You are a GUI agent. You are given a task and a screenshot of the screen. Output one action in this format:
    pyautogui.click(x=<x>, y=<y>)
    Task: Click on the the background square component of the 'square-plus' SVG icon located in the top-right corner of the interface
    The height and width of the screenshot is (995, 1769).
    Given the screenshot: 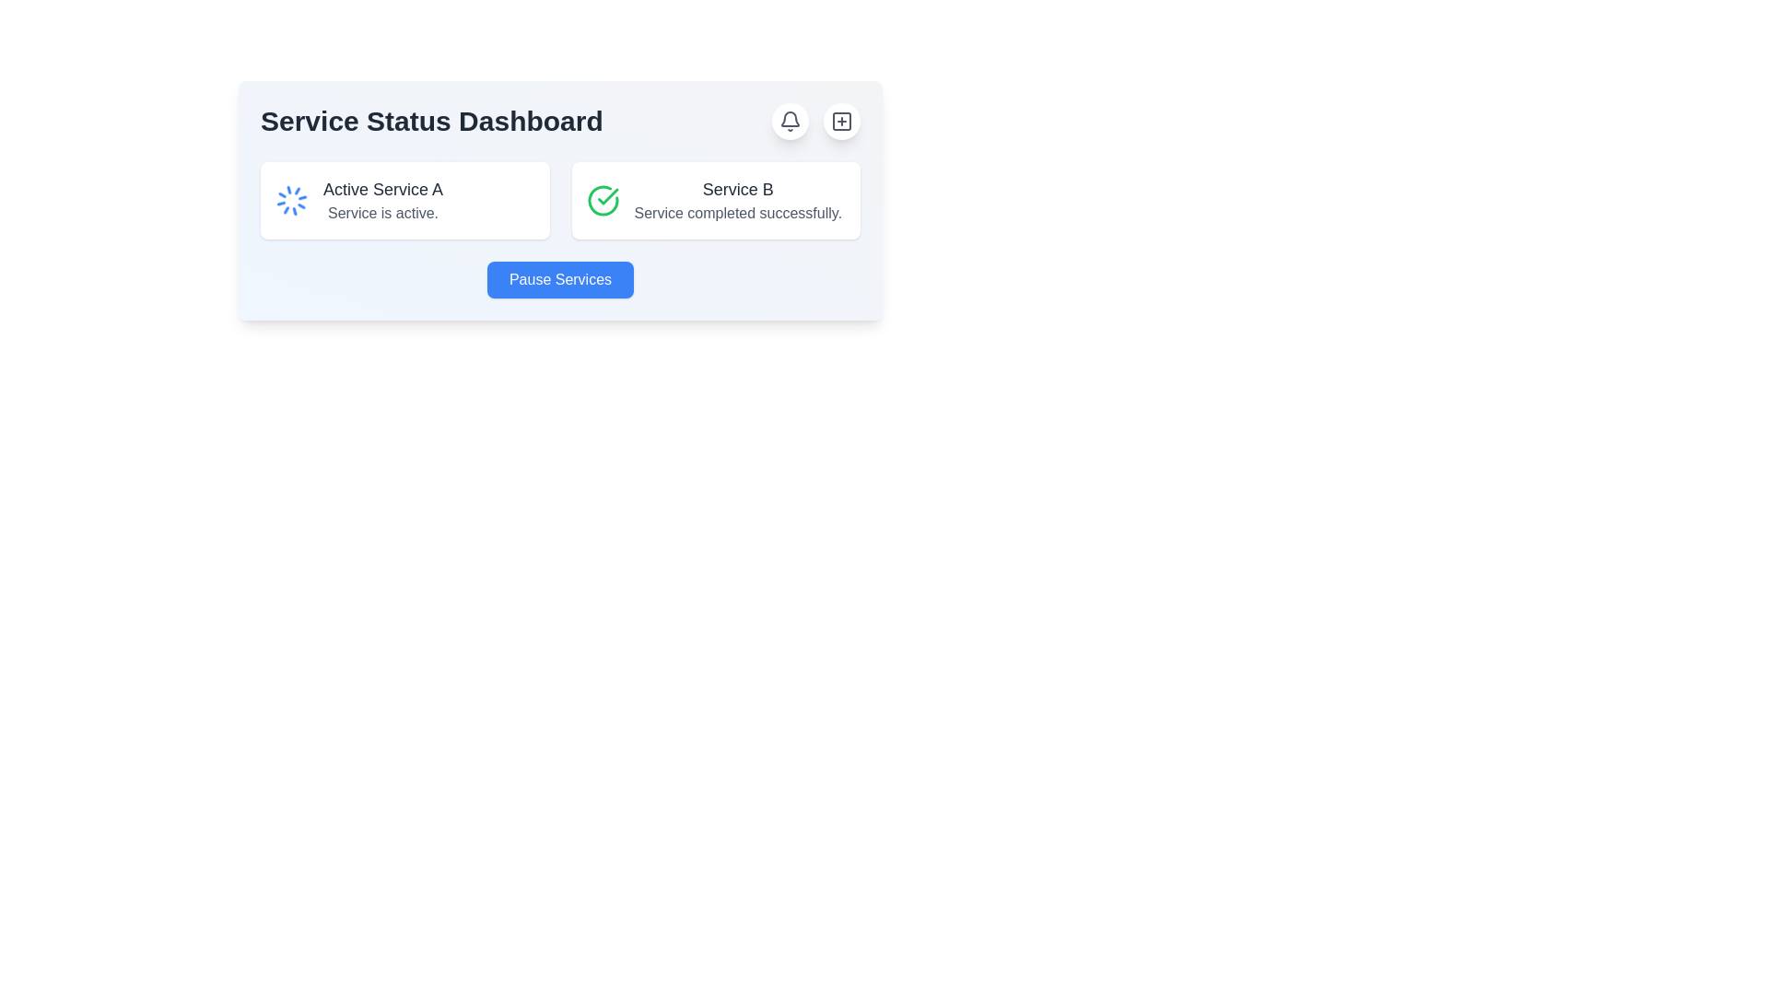 What is the action you would take?
    pyautogui.click(x=840, y=121)
    